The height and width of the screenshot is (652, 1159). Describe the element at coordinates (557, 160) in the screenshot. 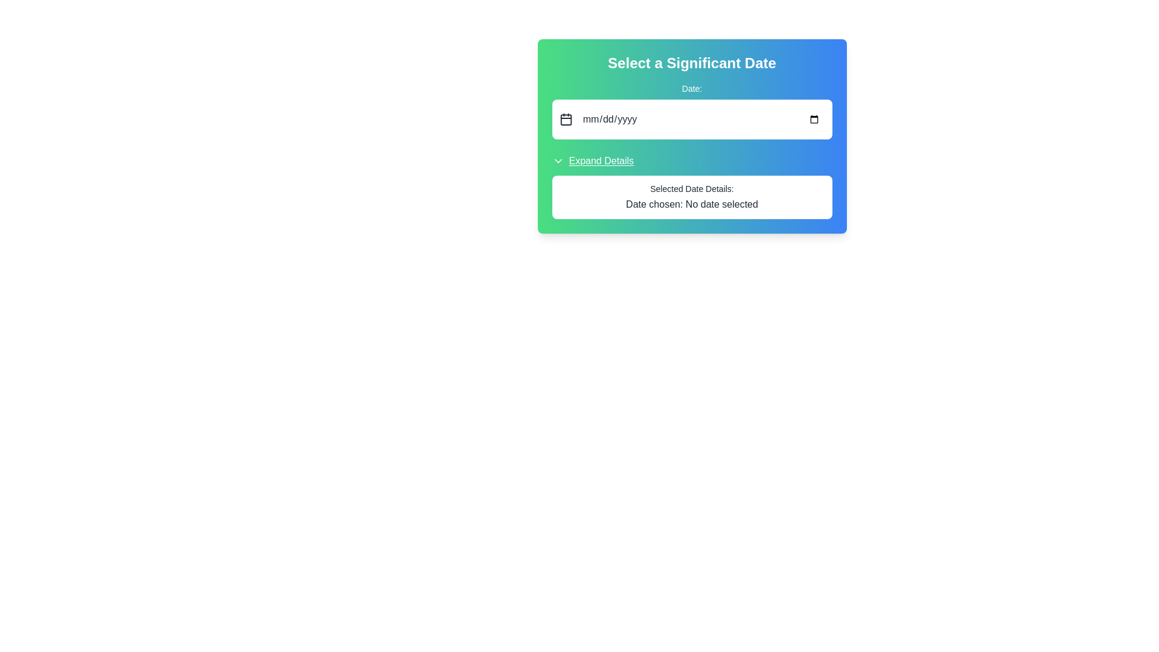

I see `the downward-pointing chevron icon next to the 'Expand Details' text` at that location.